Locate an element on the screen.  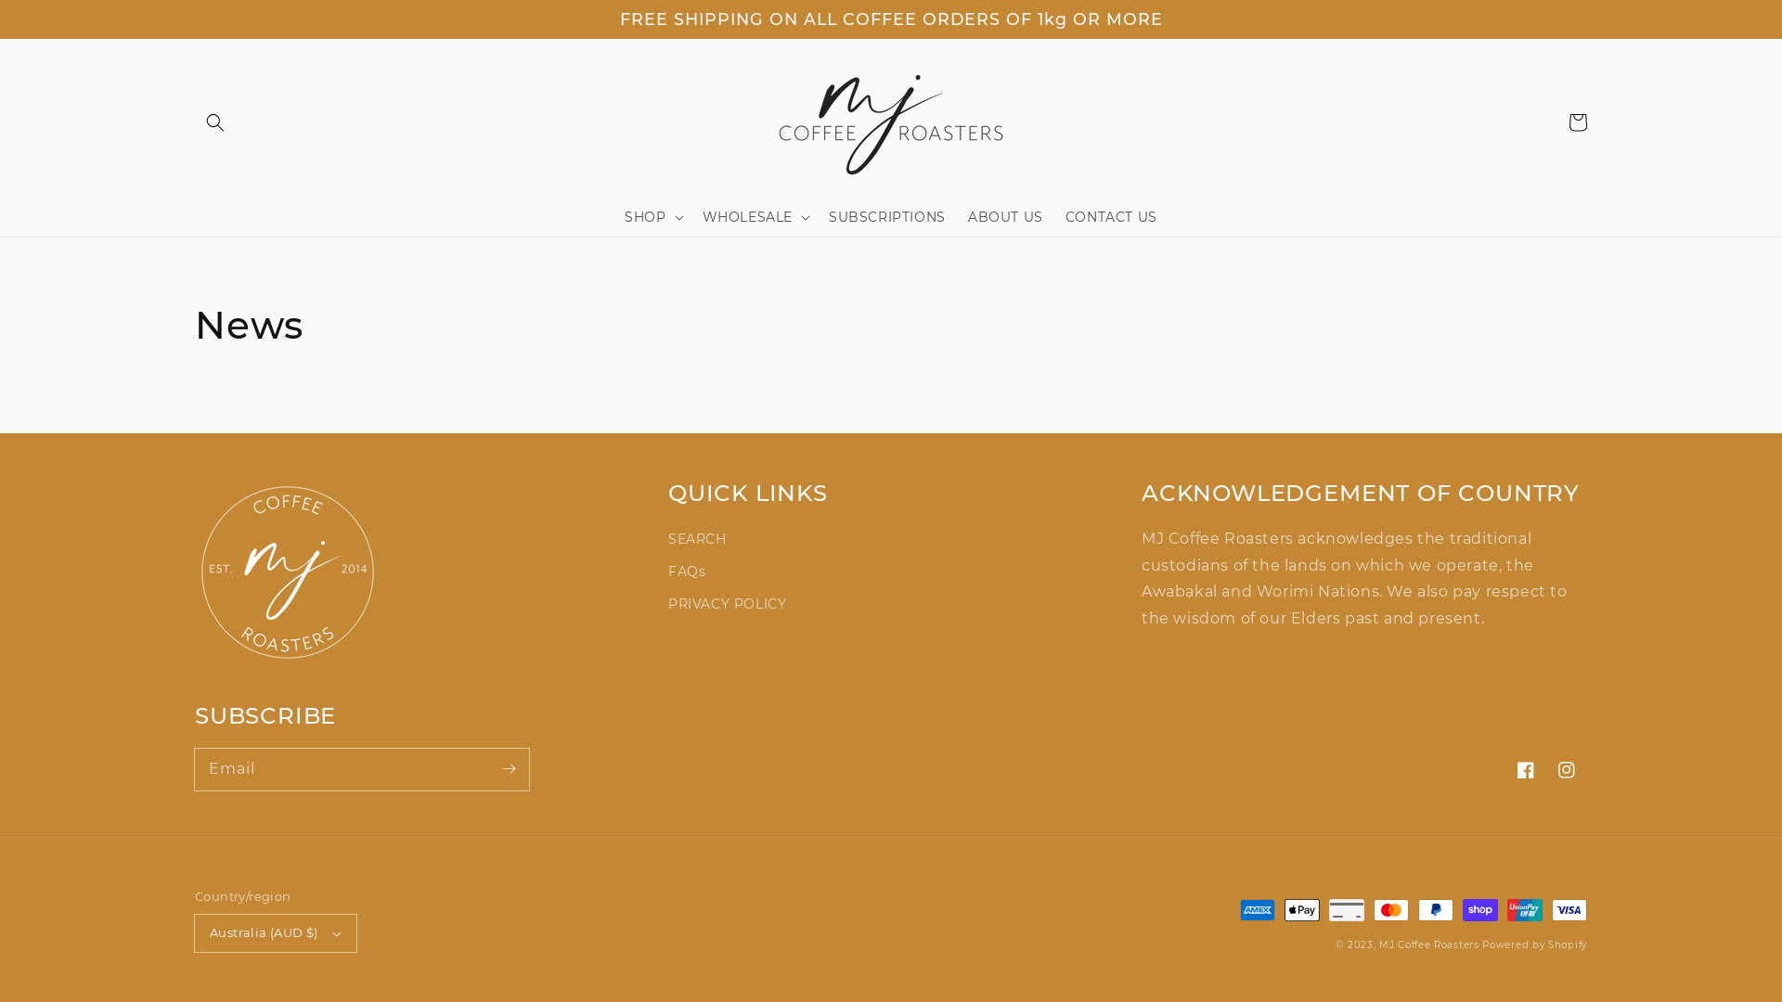
'Cart' is located at coordinates (1576, 122).